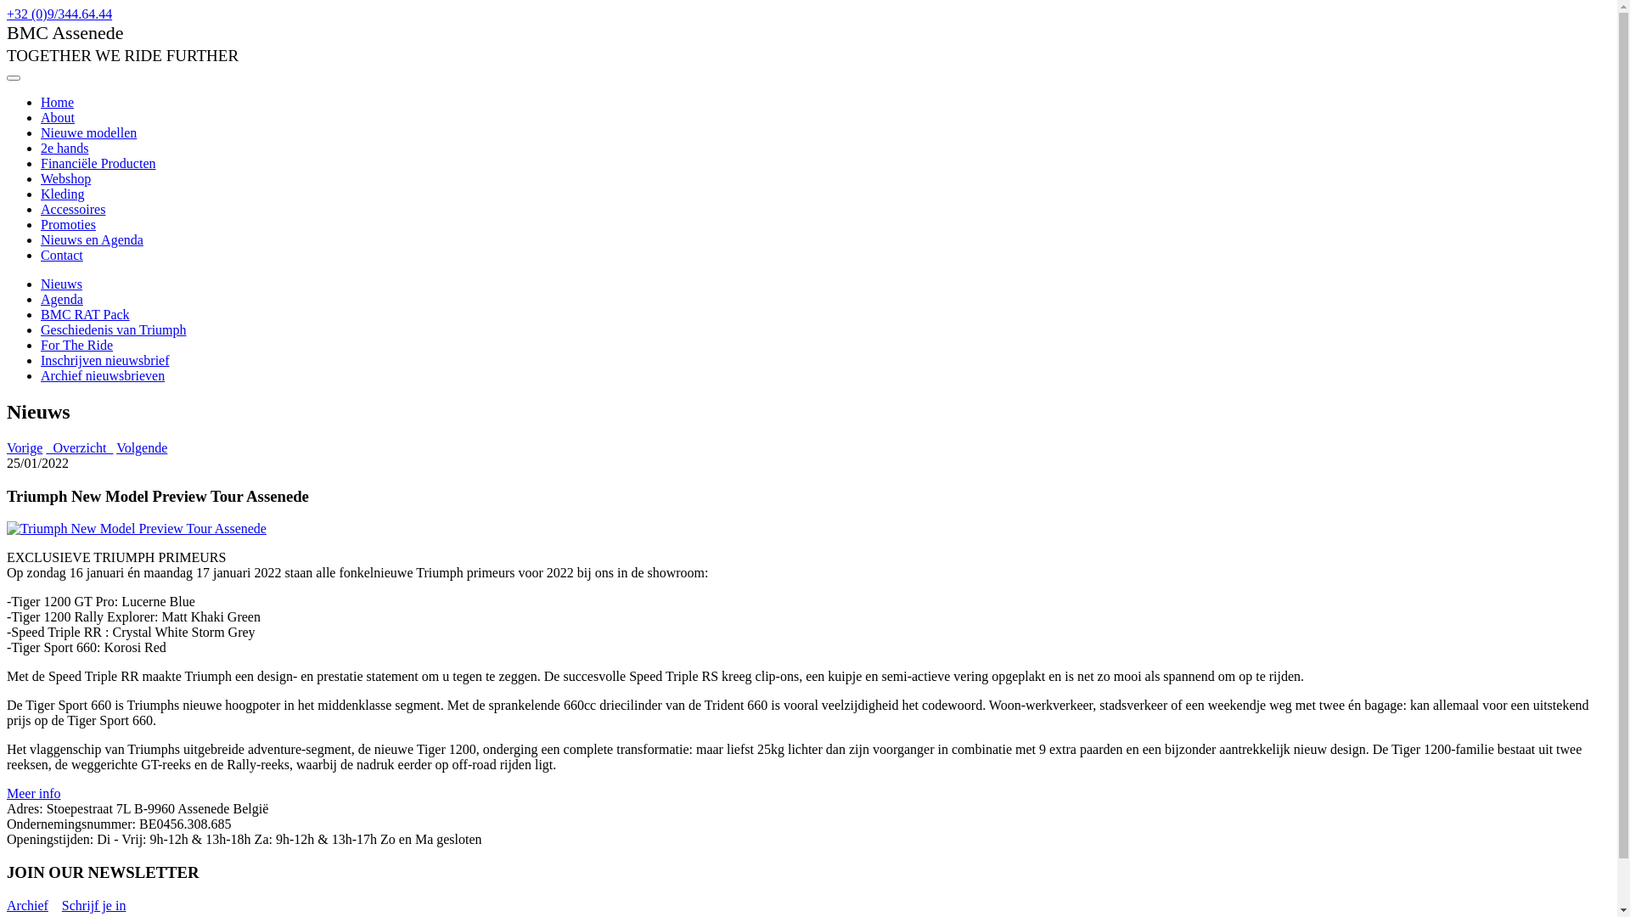 This screenshot has height=917, width=1630. What do you see at coordinates (59, 14) in the screenshot?
I see `'+32 (0)9/344.64.44'` at bounding box center [59, 14].